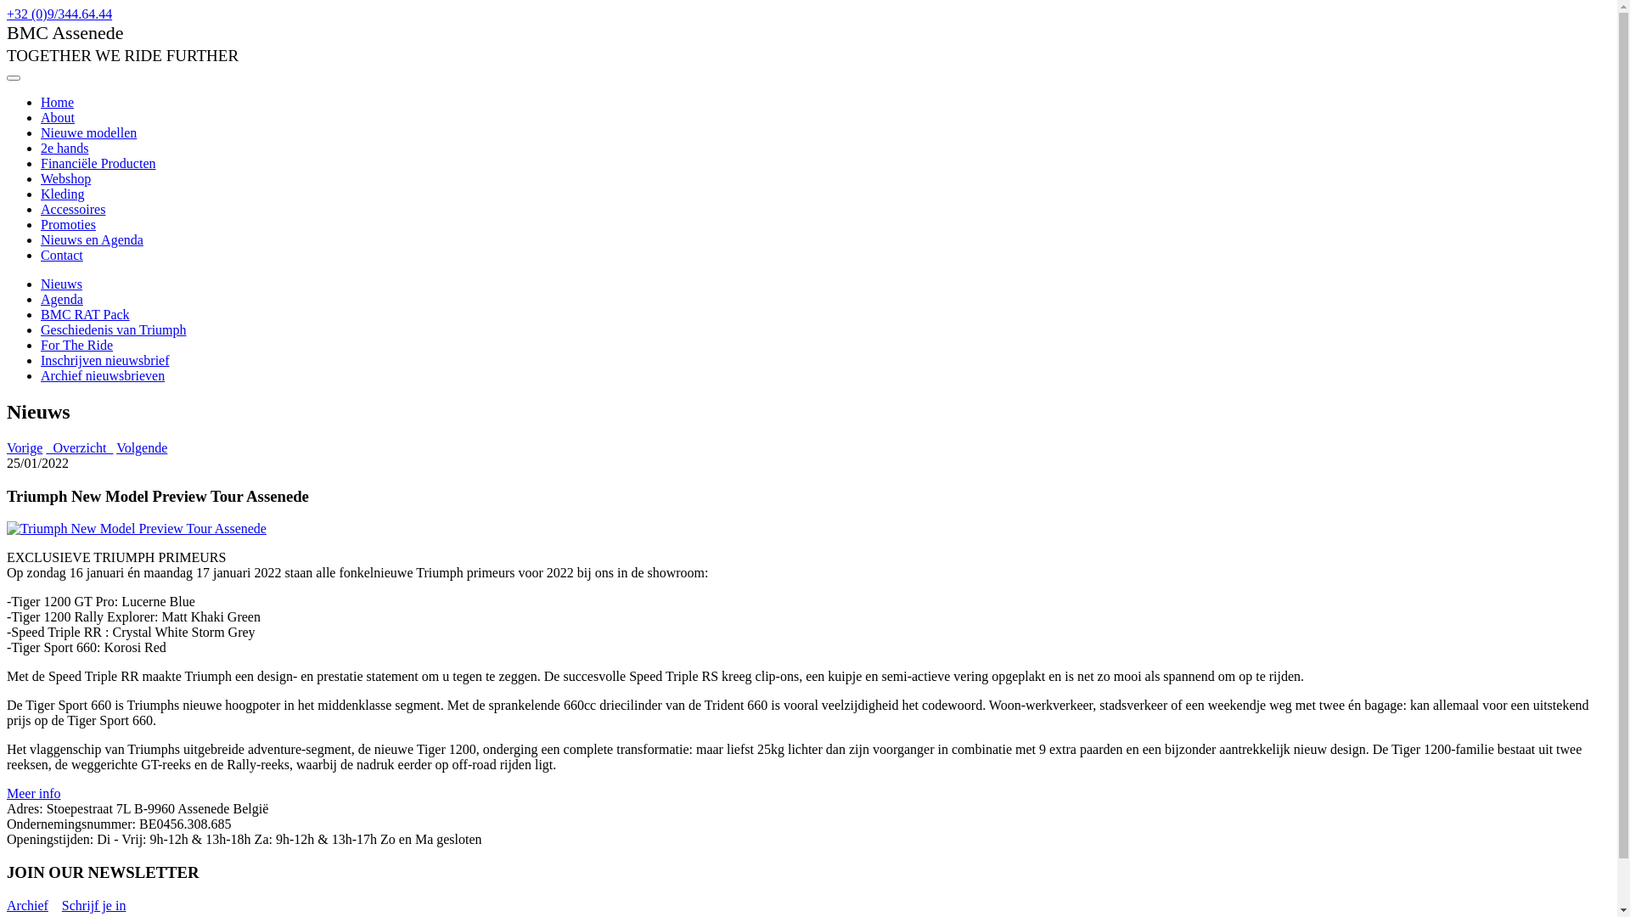 This screenshot has height=917, width=1630. What do you see at coordinates (59, 14) in the screenshot?
I see `'+32 (0)9/344.64.44'` at bounding box center [59, 14].